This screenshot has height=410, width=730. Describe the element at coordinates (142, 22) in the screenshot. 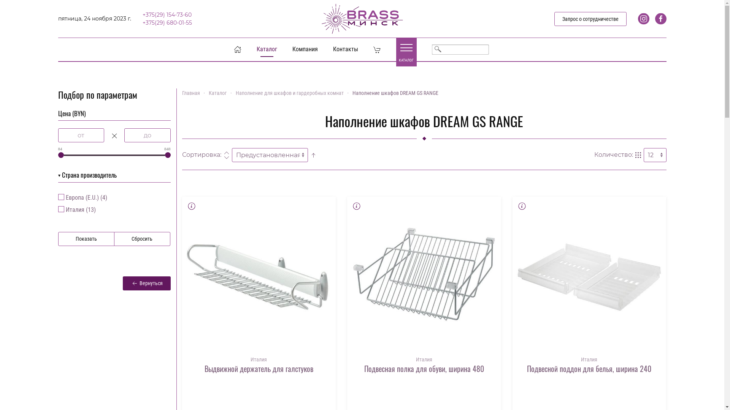

I see `'+375(29) 680-01-55'` at that location.